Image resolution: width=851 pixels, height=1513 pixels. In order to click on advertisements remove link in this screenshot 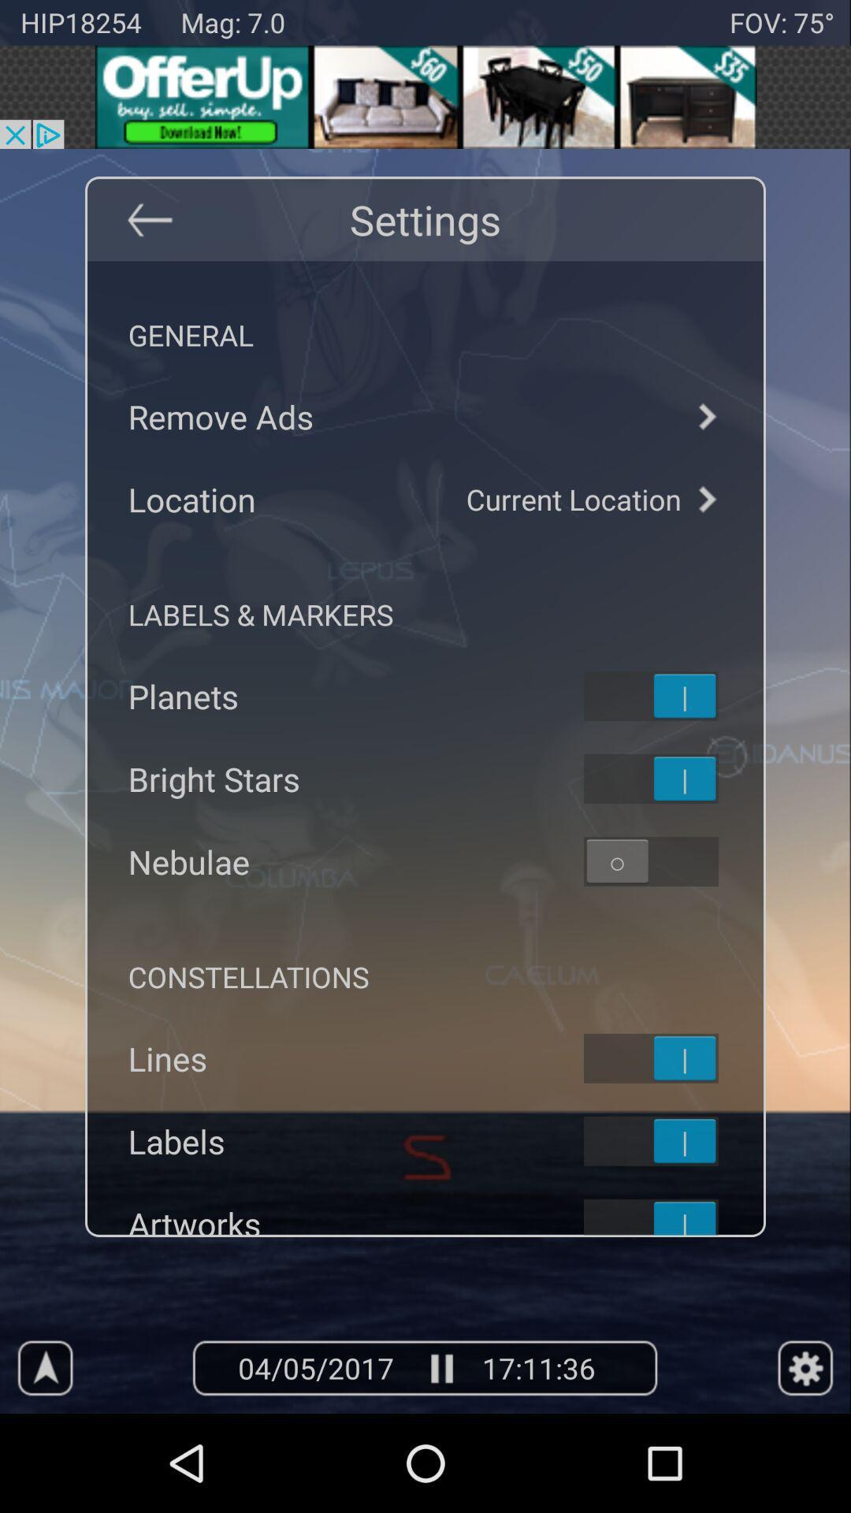, I will do `click(425, 416)`.